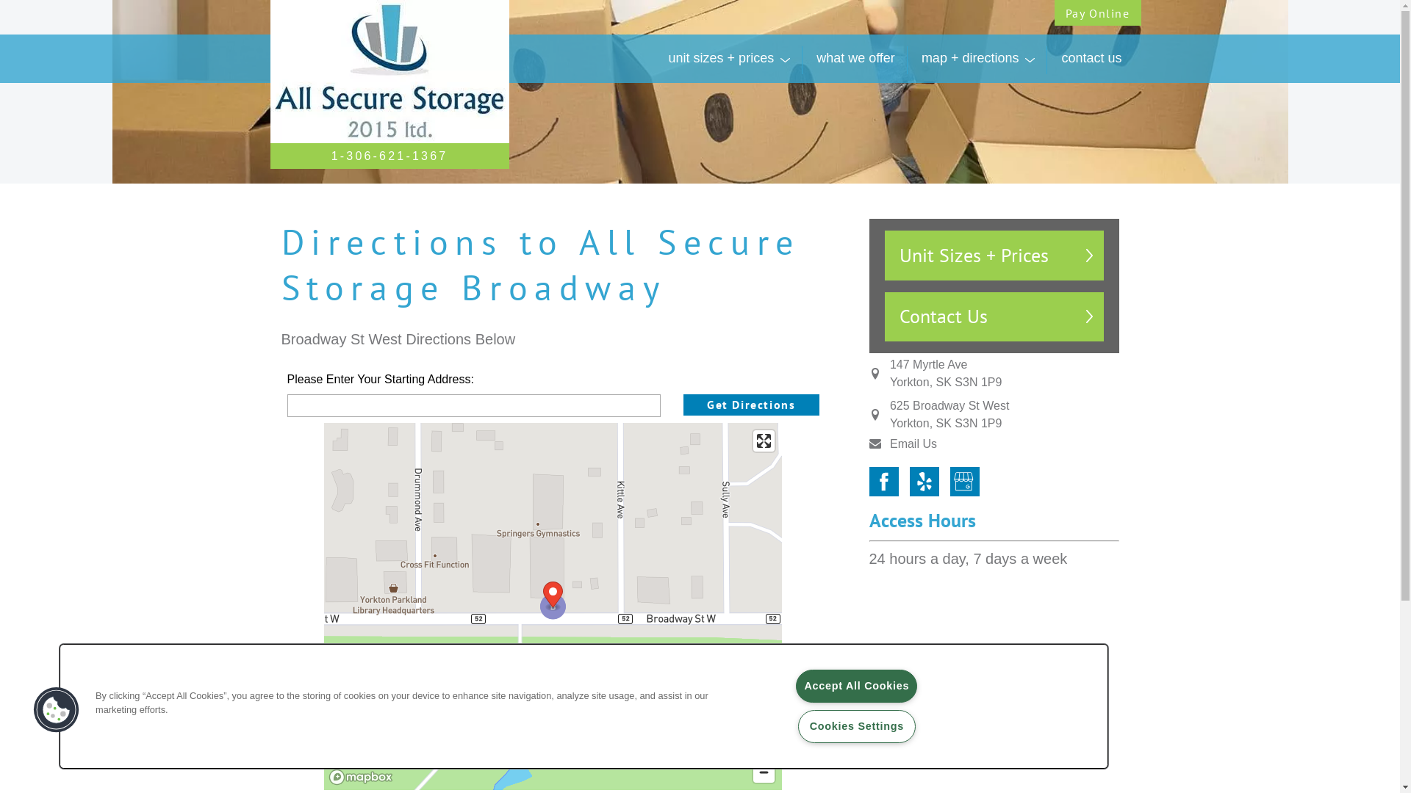  What do you see at coordinates (751, 405) in the screenshot?
I see `'Get Directions'` at bounding box center [751, 405].